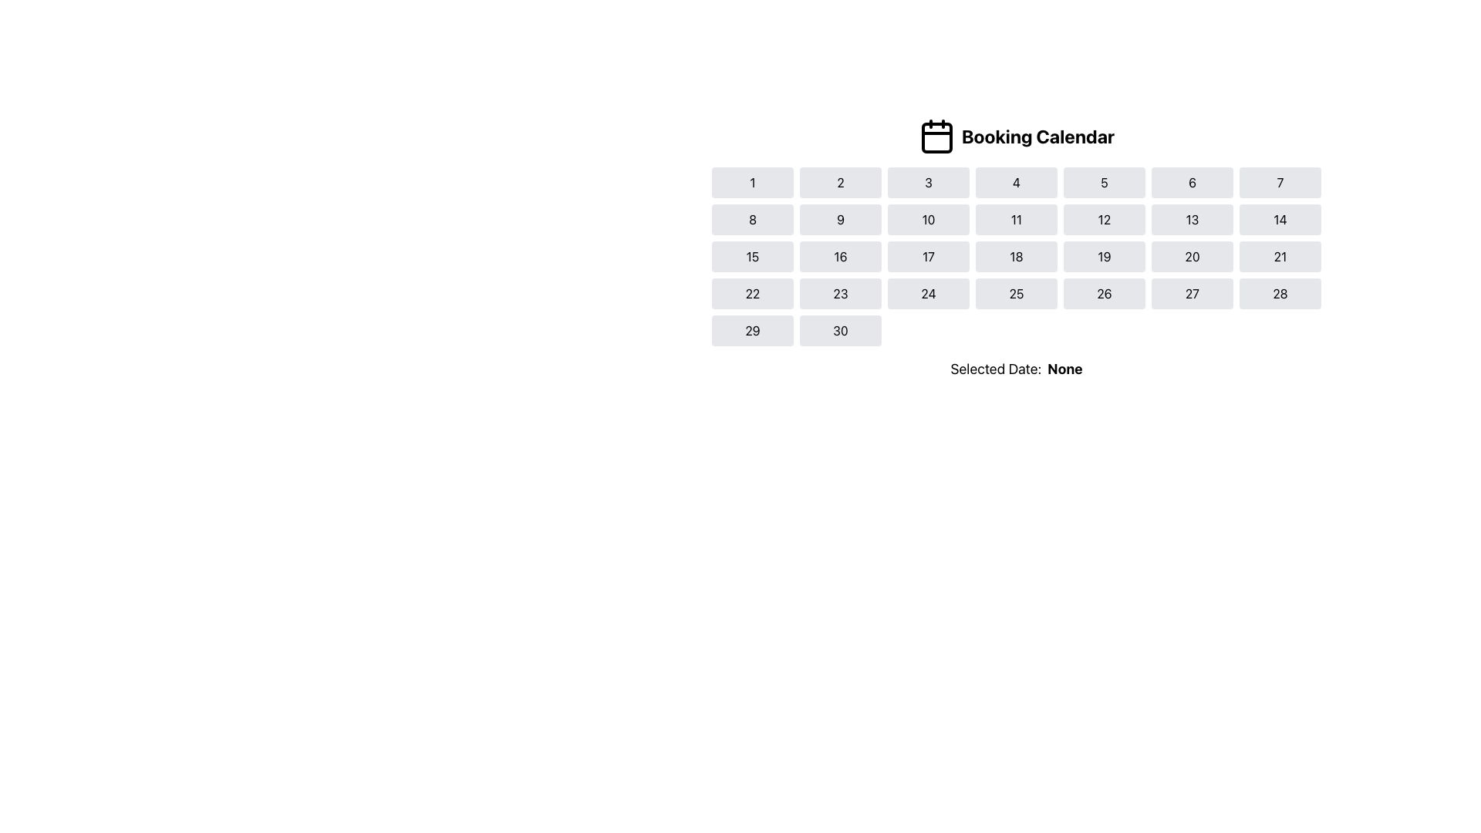 This screenshot has width=1481, height=833. I want to click on the selectable date button in the calendar interface located at the top-left corner of the grid, directly below the 'Booking Calendar' header, so click(752, 181).